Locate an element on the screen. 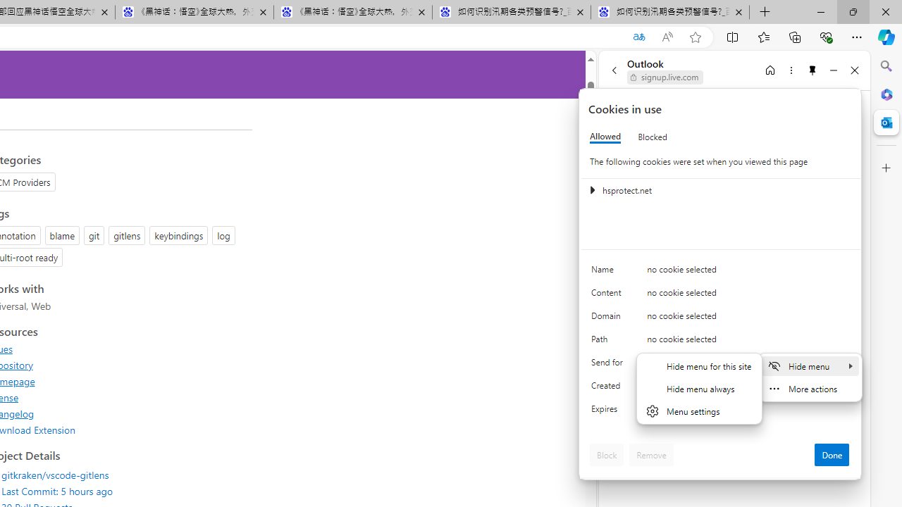 Image resolution: width=902 pixels, height=507 pixels. 'More actions' is located at coordinates (810, 388).